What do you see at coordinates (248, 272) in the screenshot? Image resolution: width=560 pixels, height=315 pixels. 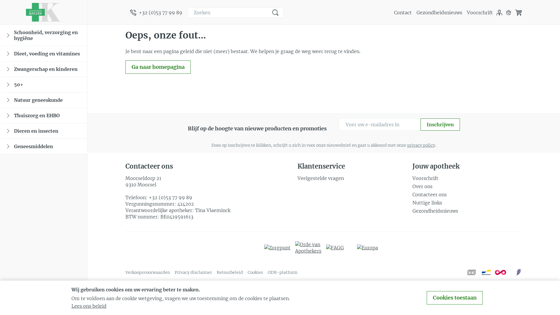 I see `'Cookies'` at bounding box center [248, 272].